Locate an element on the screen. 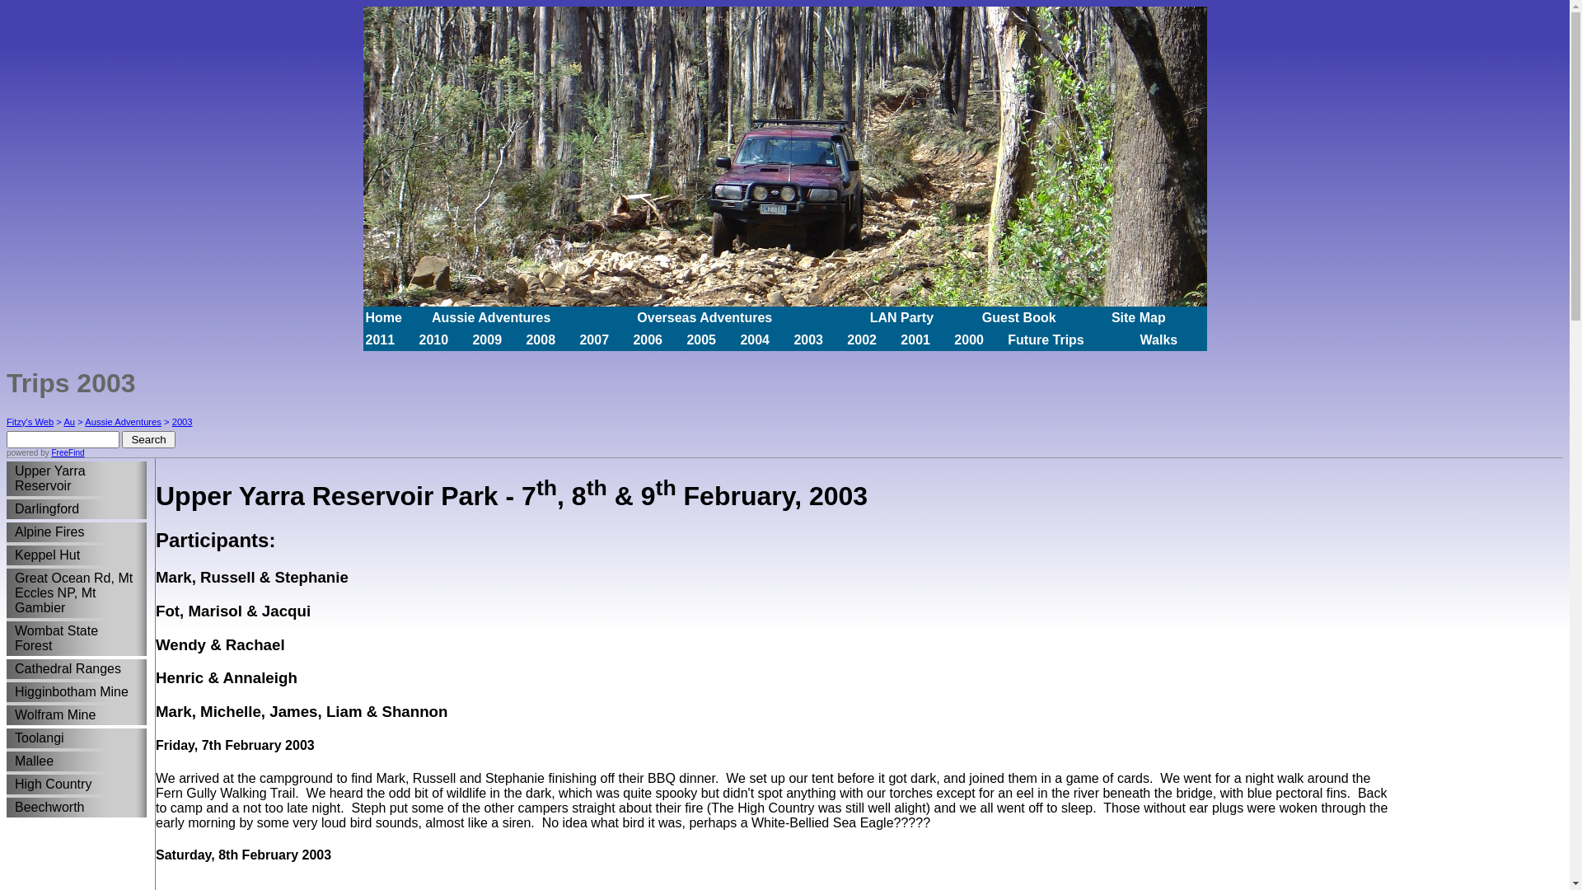 Image resolution: width=1582 pixels, height=890 pixels. '2002' is located at coordinates (861, 339).